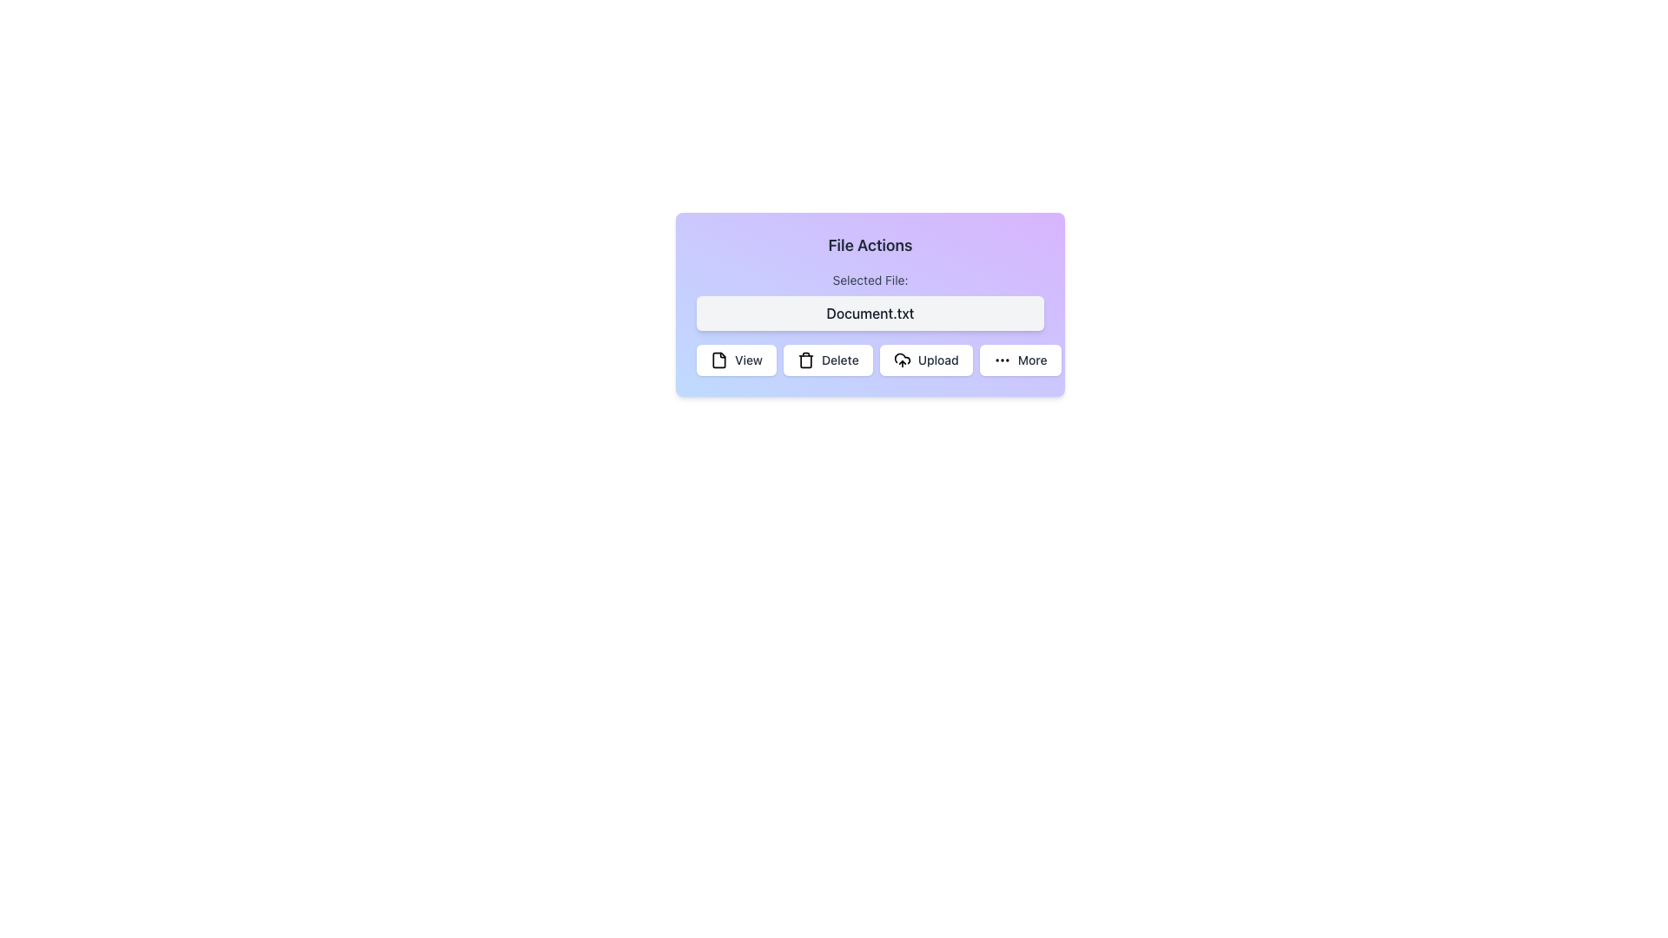  What do you see at coordinates (1020, 360) in the screenshot?
I see `the fourth button in the 'File Actions' section` at bounding box center [1020, 360].